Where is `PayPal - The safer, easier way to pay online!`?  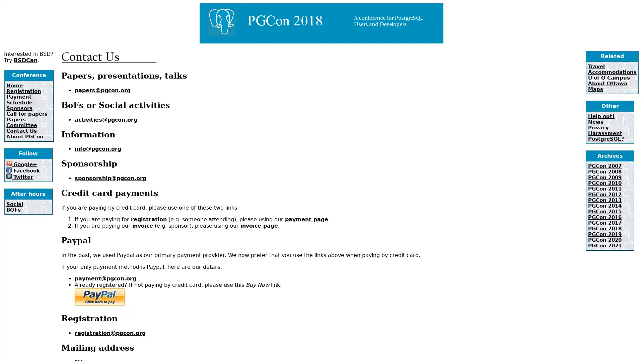 PayPal - The safer, easier way to pay online! is located at coordinates (99, 296).